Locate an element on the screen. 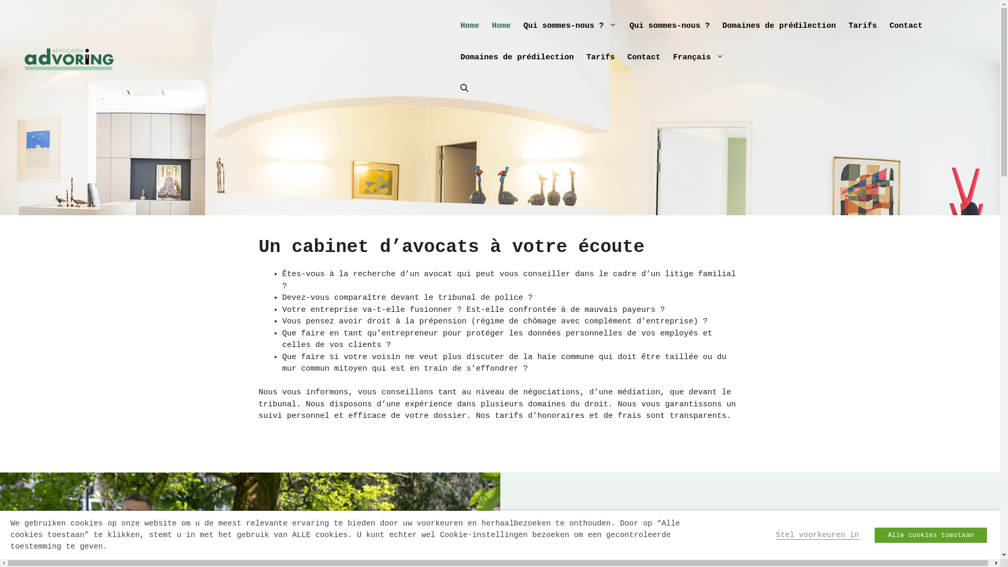  'Qui sommes-nous ?' is located at coordinates (569, 26).